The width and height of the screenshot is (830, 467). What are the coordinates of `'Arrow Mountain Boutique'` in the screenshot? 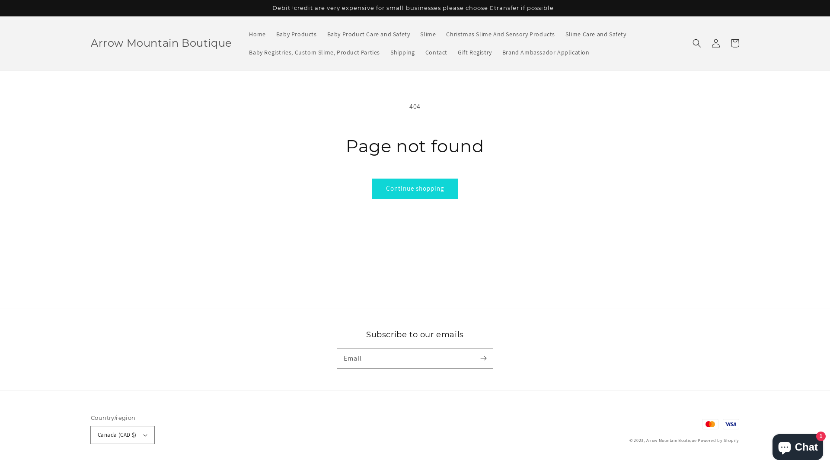 It's located at (87, 43).